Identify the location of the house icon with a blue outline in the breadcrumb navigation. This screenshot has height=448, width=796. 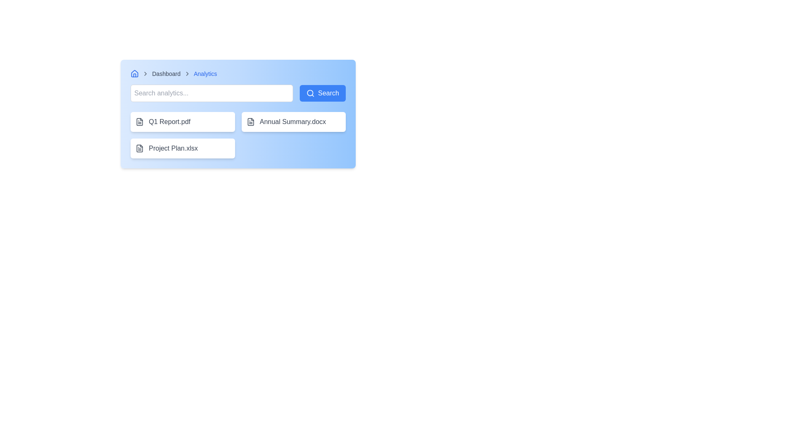
(135, 73).